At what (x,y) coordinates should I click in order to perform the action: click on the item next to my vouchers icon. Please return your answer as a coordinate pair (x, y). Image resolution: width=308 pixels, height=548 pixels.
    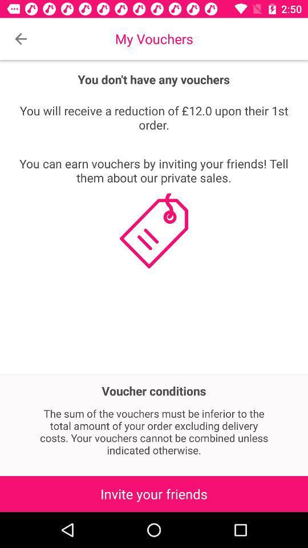
    Looking at the image, I should click on (21, 39).